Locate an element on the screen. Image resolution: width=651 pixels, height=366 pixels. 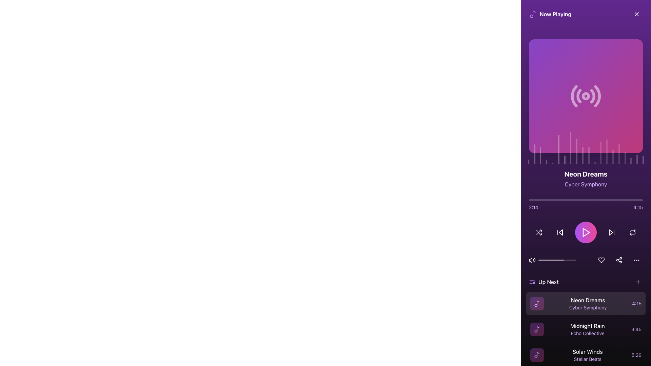
progress is located at coordinates (533, 200).